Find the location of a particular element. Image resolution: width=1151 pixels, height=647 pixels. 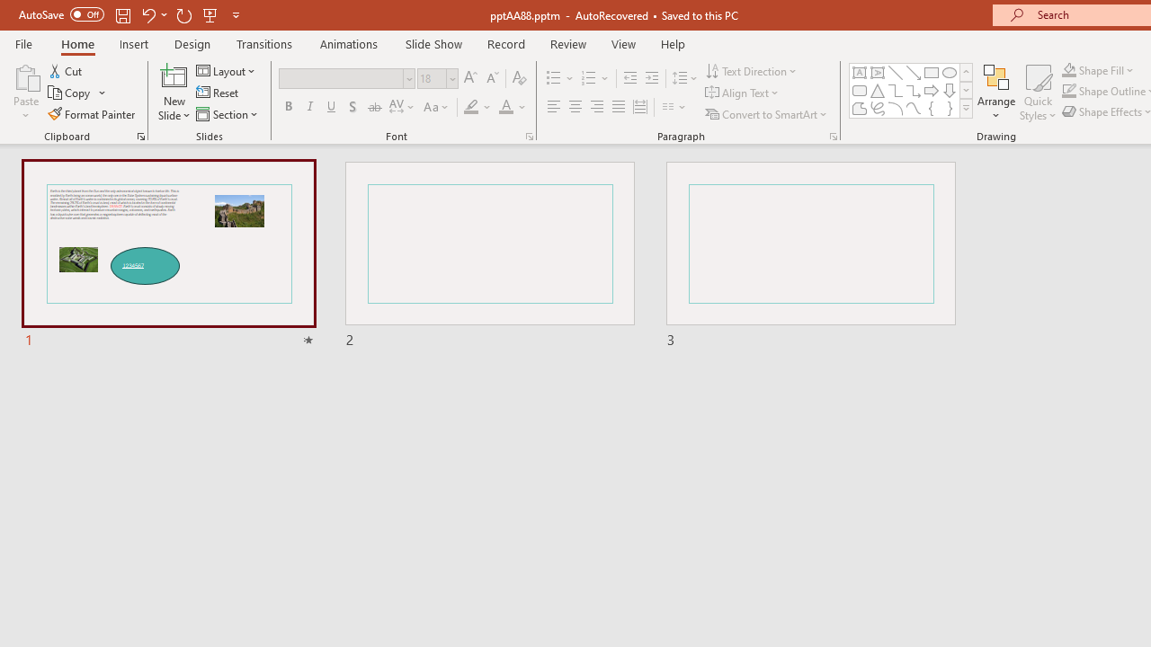

'Paragraph...' is located at coordinates (832, 135).